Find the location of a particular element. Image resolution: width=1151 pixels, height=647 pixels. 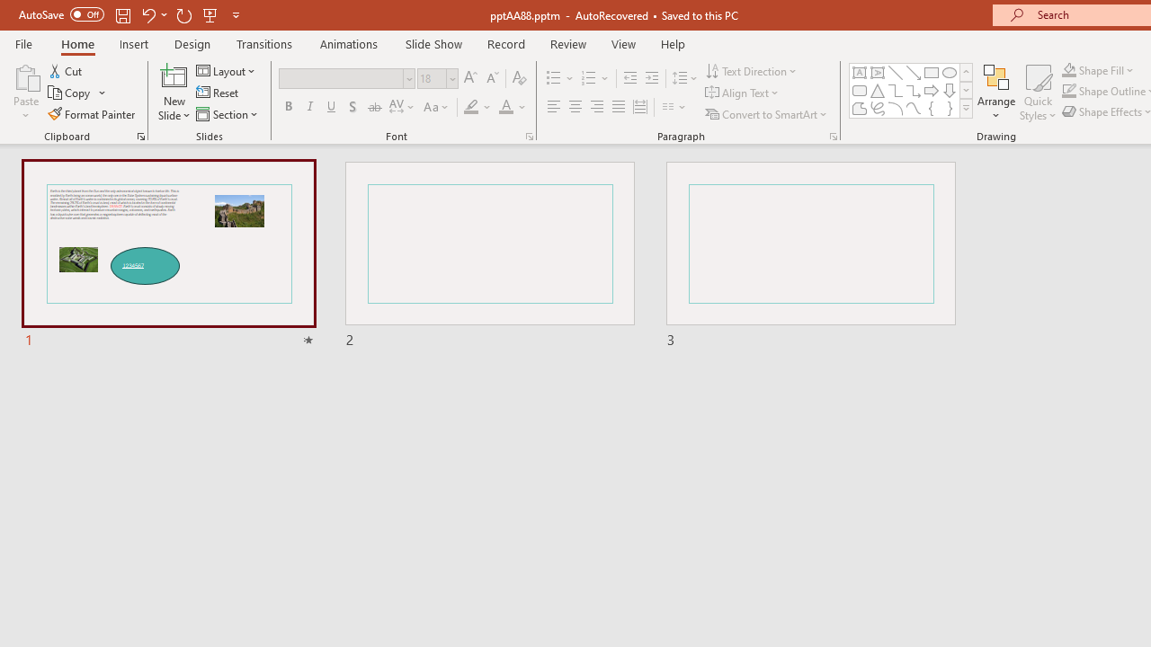

'Paragraph...' is located at coordinates (832, 135).